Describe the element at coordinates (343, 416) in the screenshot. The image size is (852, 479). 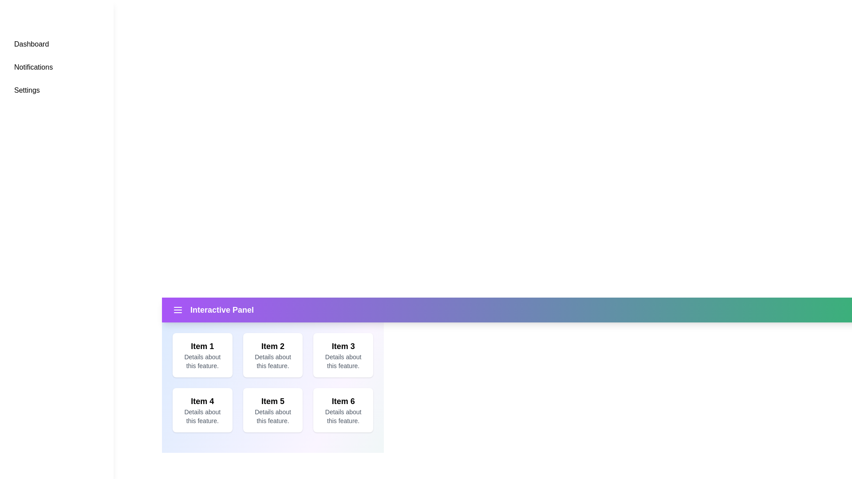
I see `text content of the Text Label displaying 'Details about this feature.' located under 'Item 6' in a card-like structure` at that location.